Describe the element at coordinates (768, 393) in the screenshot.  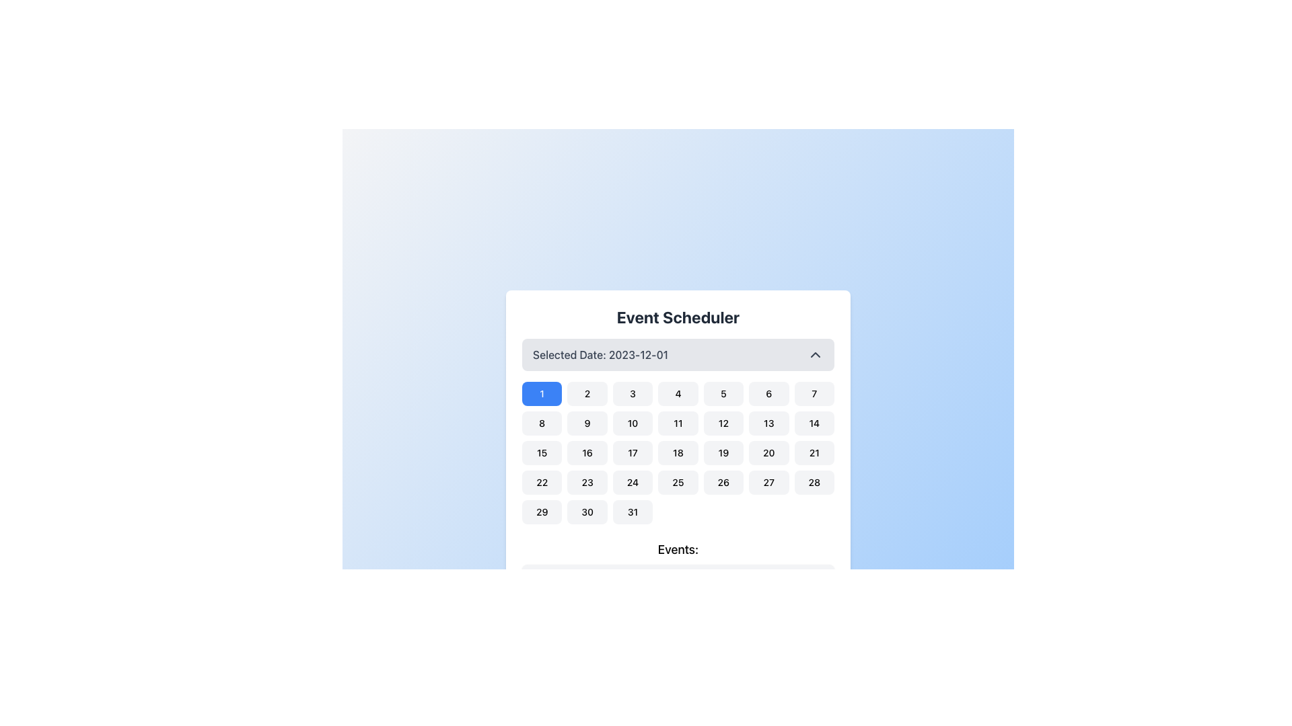
I see `the small, rounded rectangular button labeled '6' with a light gray background` at that location.